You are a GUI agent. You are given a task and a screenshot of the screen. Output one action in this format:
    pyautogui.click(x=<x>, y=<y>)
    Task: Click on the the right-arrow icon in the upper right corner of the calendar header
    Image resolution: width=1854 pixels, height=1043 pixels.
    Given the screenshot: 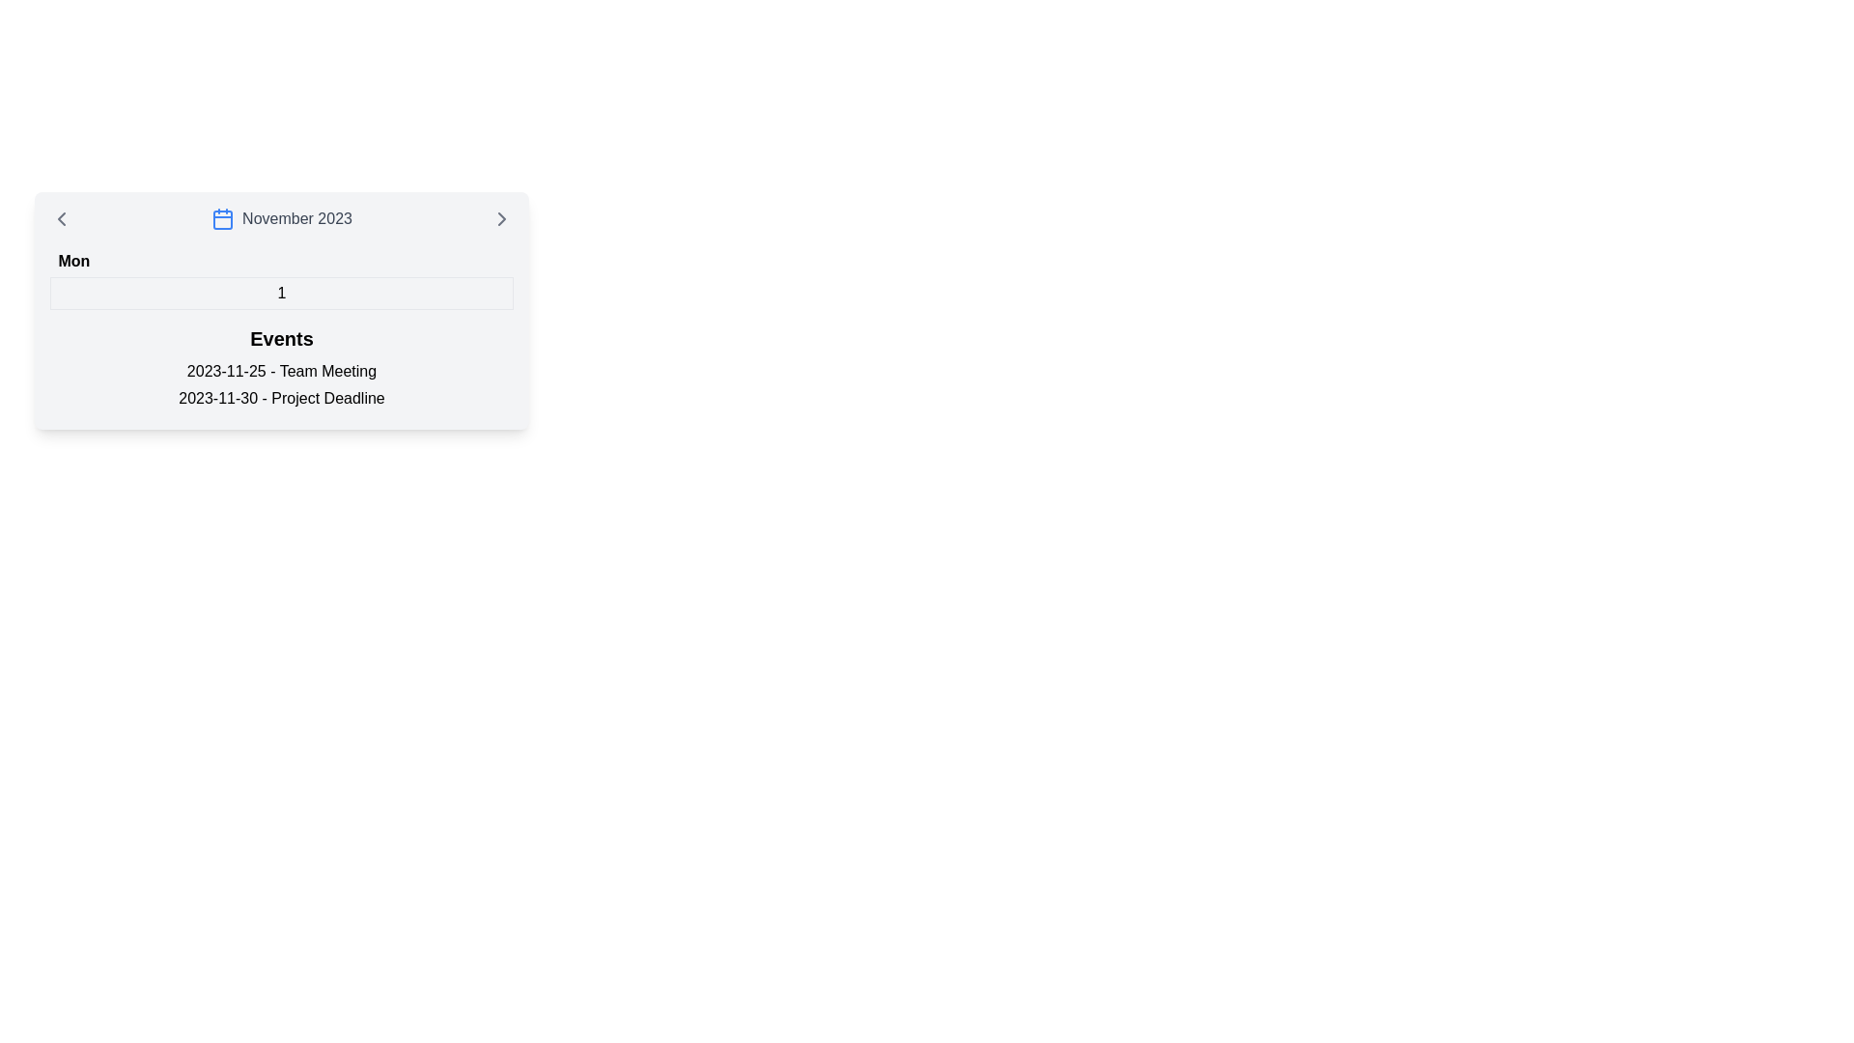 What is the action you would take?
    pyautogui.click(x=501, y=218)
    